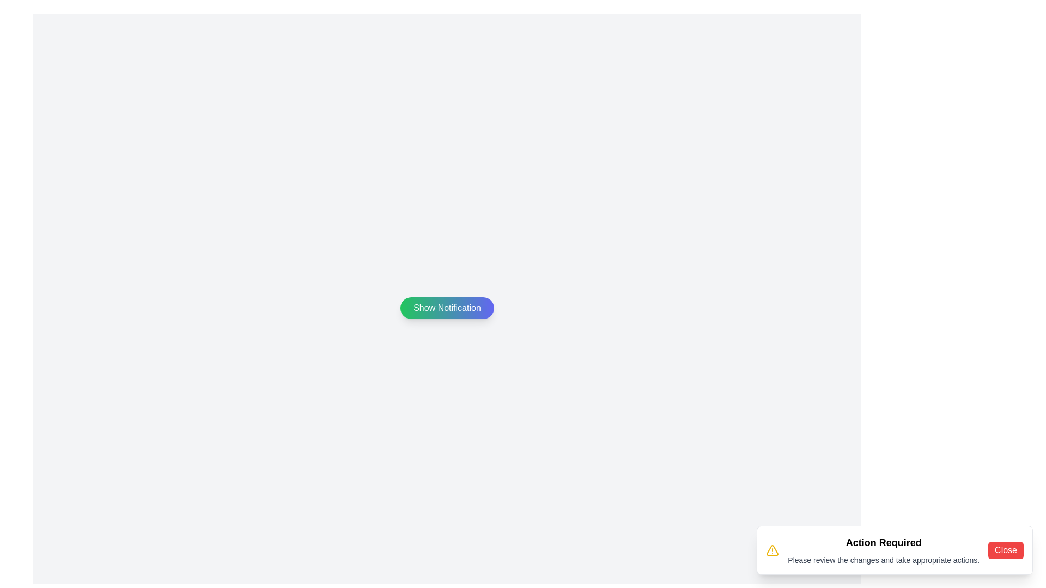 Image resolution: width=1046 pixels, height=588 pixels. I want to click on the 'Show Notification' button to observe the hover effect, so click(447, 308).